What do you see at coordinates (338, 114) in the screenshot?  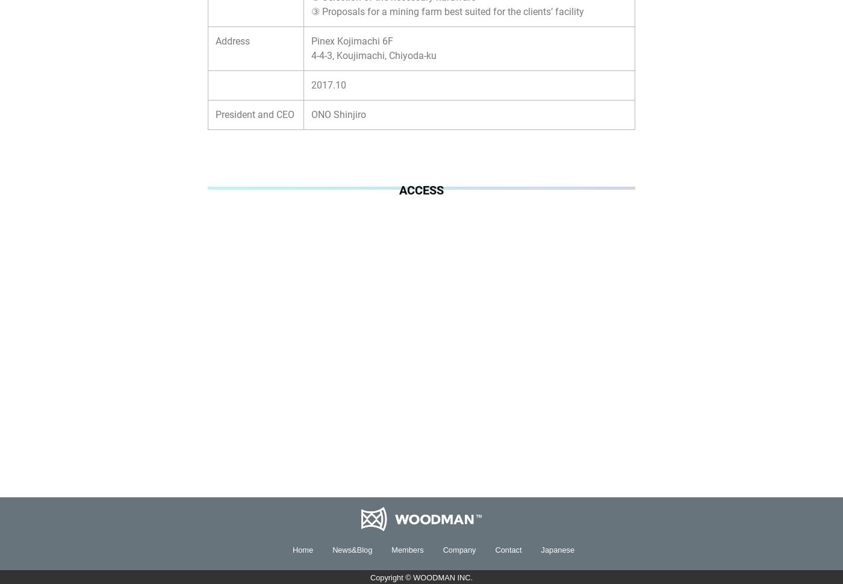 I see `'ONO Shinjiro'` at bounding box center [338, 114].